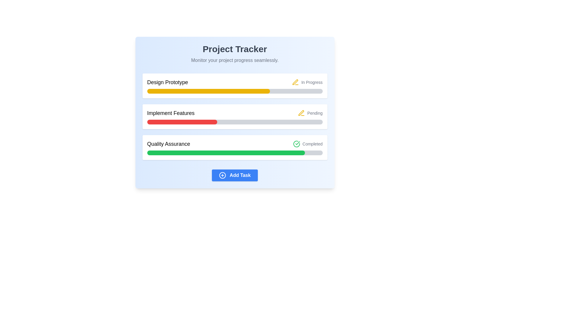  Describe the element at coordinates (310, 91) in the screenshot. I see `the progress bar` at that location.